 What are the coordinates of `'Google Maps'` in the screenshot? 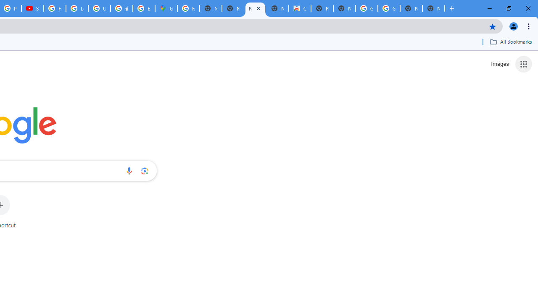 It's located at (166, 8).